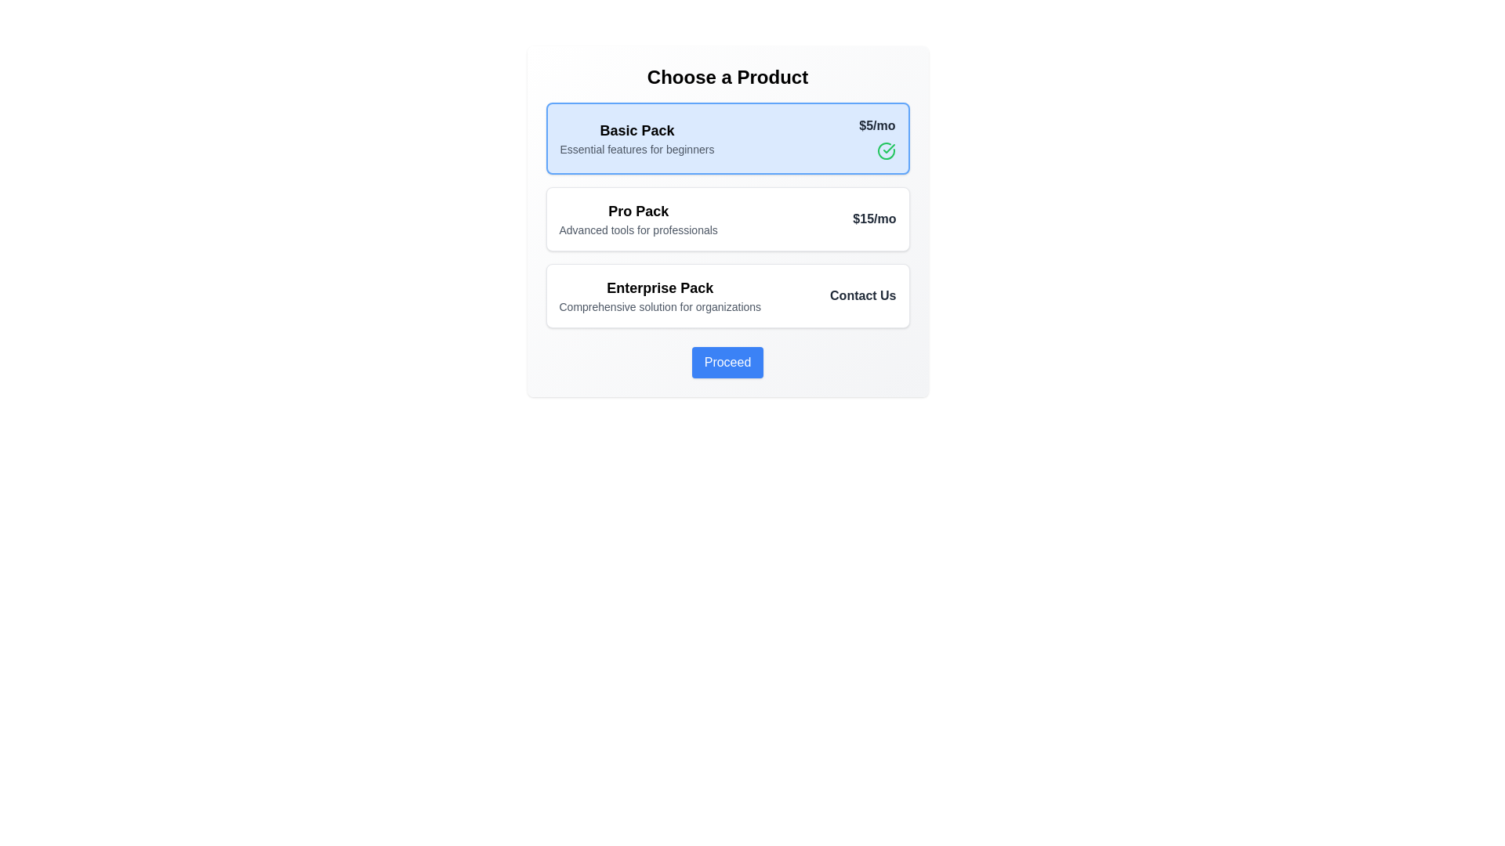 Image resolution: width=1505 pixels, height=846 pixels. What do you see at coordinates (727, 219) in the screenshot?
I see `the 'Pro Pack' card element, which is the second card in a vertical list, to trigger the hover effect` at bounding box center [727, 219].